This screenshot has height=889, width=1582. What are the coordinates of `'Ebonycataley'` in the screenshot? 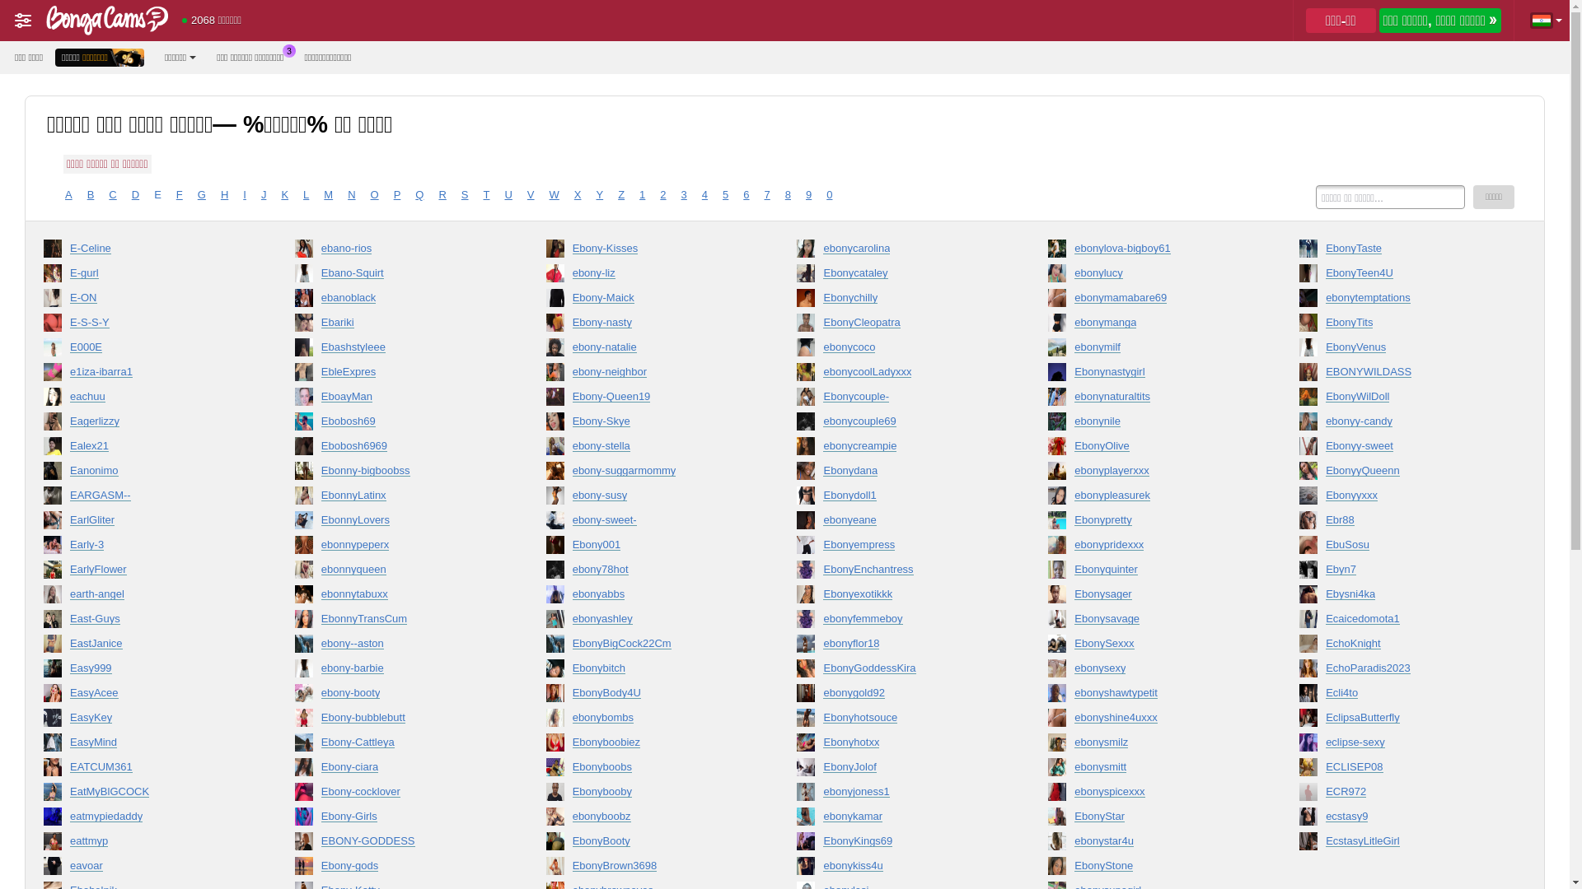 It's located at (897, 275).